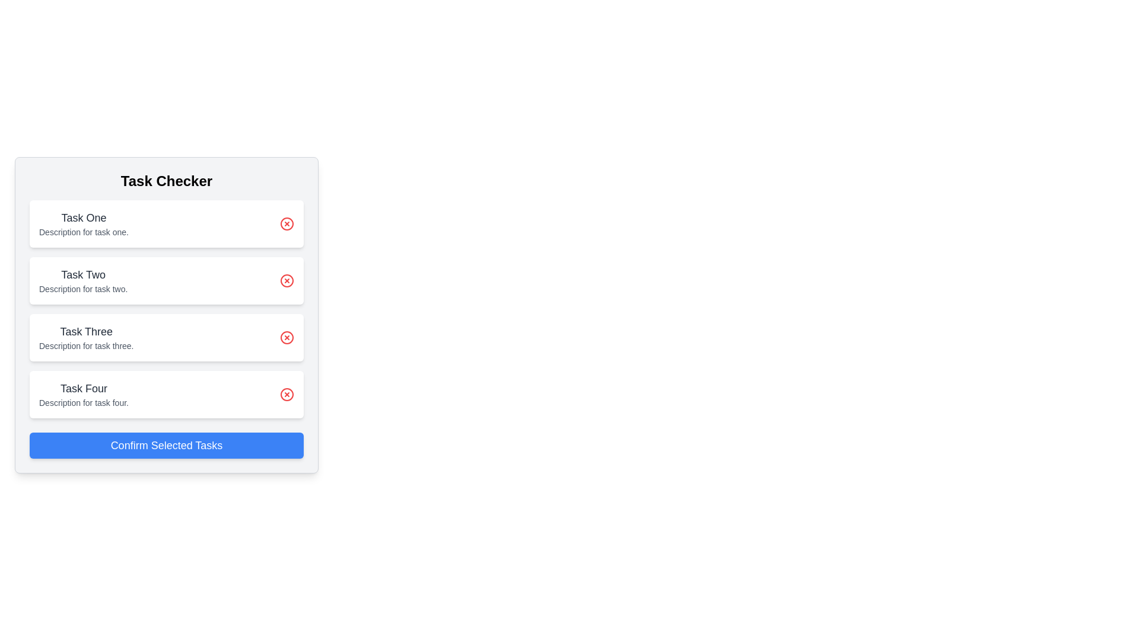 This screenshot has height=640, width=1139. I want to click on the 'Task Four' text element, which is prominently displayed in a larger bold font above 'Description for task four' in the fourth task card, so click(83, 388).